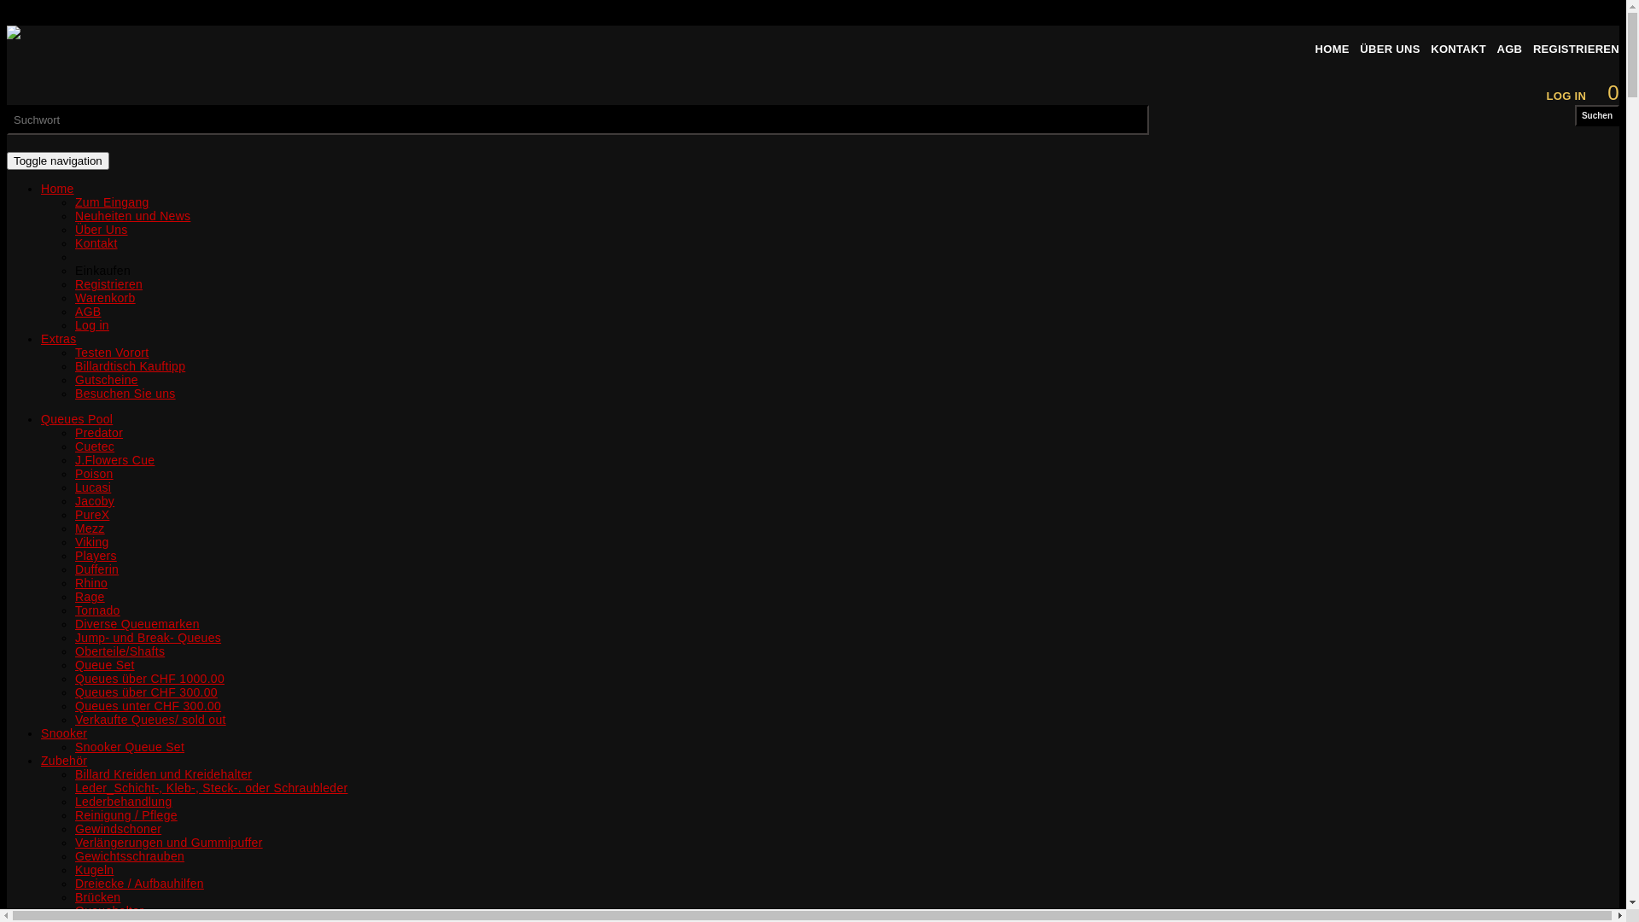  I want to click on 'Snooker Queue Set', so click(129, 746).